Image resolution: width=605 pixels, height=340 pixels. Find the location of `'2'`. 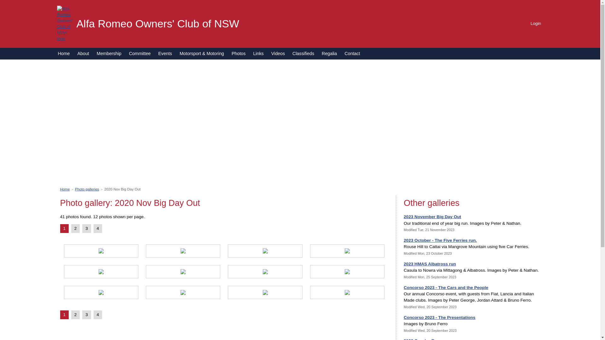

'2' is located at coordinates (76, 228).